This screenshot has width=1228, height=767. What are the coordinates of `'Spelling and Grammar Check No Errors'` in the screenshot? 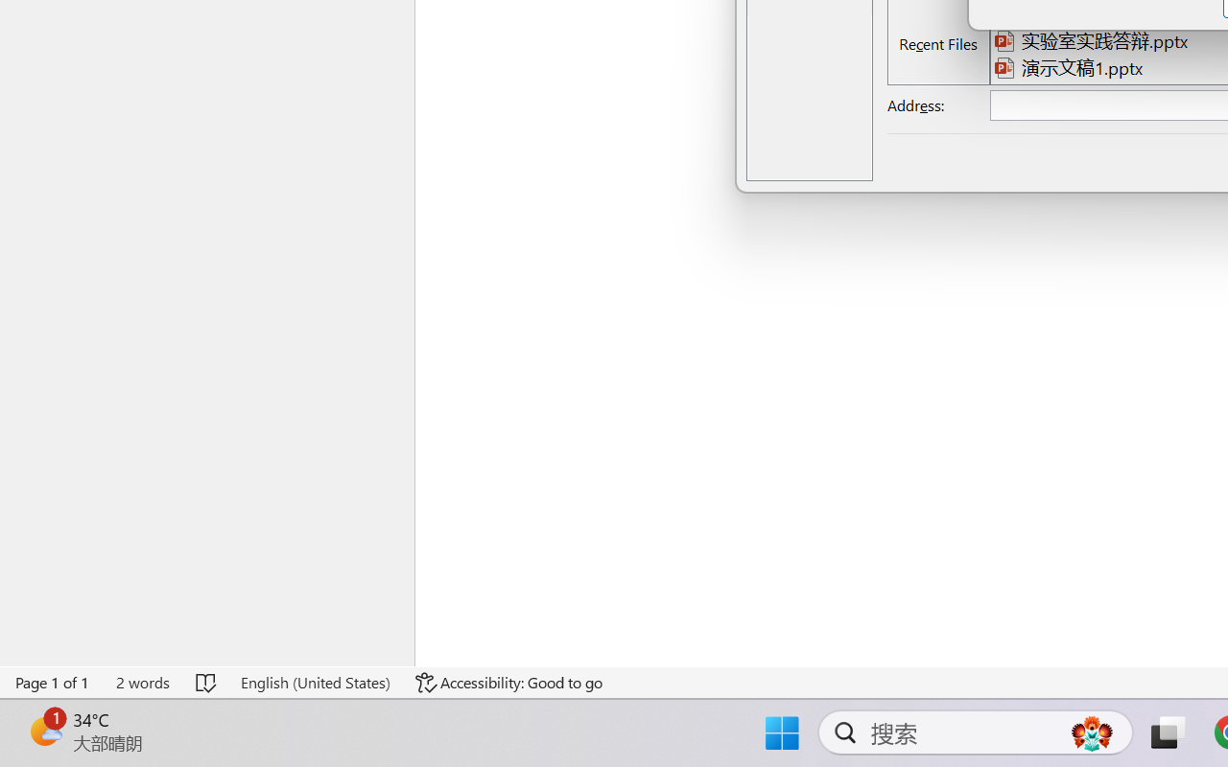 It's located at (207, 682).